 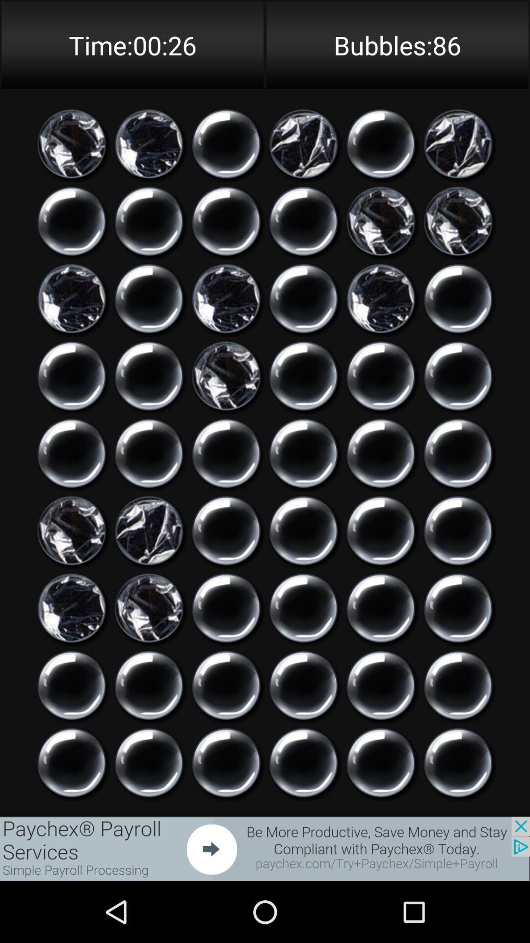 What do you see at coordinates (71, 733) in the screenshot?
I see `the refresh icon` at bounding box center [71, 733].